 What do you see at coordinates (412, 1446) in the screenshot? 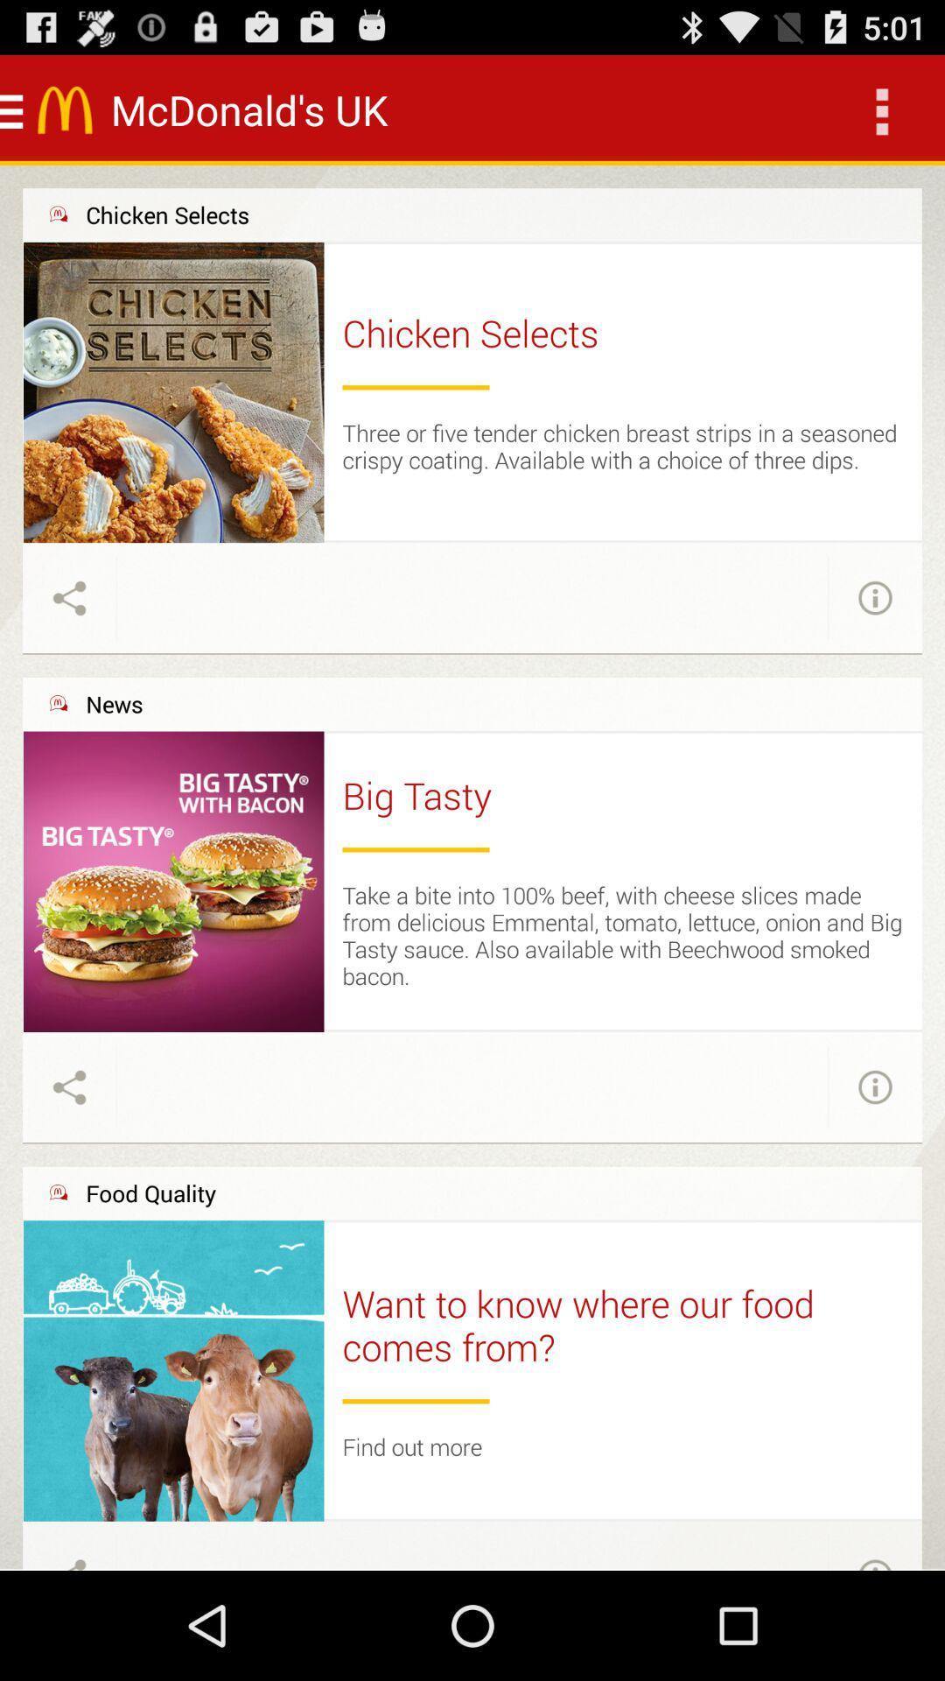
I see `the find out more` at bounding box center [412, 1446].